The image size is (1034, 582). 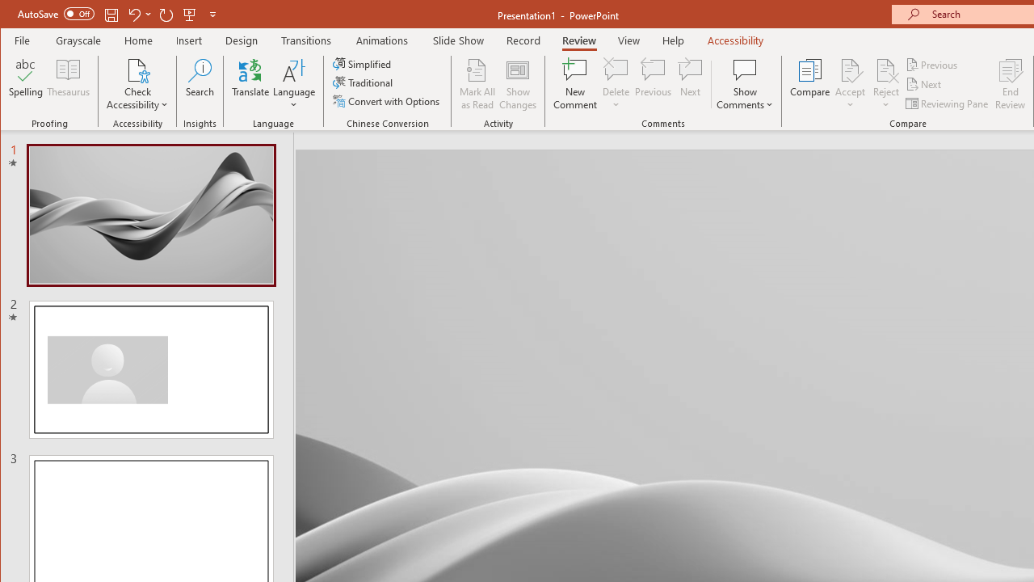 I want to click on 'Traditional', so click(x=364, y=82).